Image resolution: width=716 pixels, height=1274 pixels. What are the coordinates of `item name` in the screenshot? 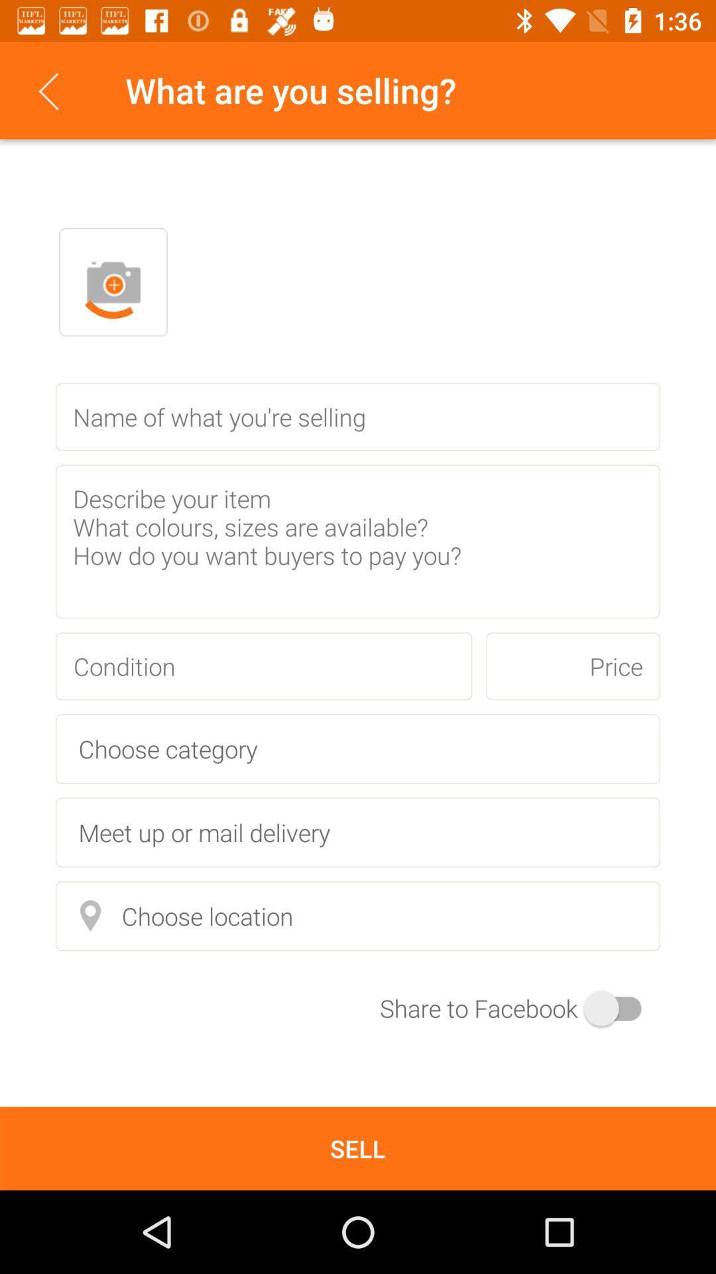 It's located at (358, 416).